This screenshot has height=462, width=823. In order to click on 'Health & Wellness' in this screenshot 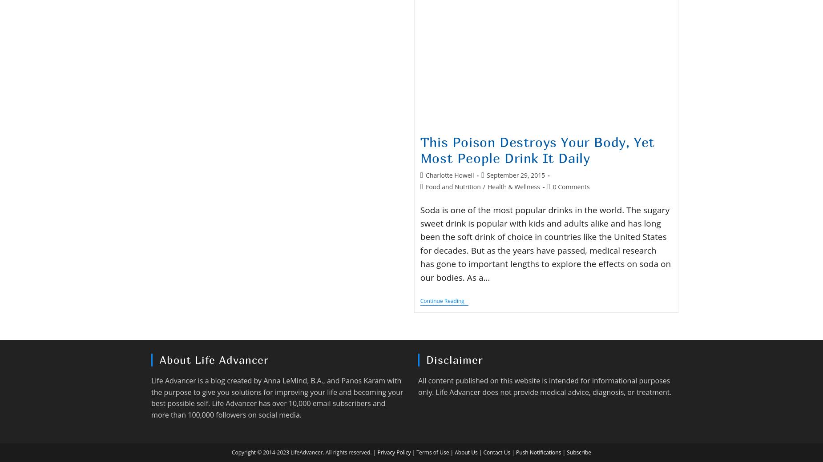, I will do `click(513, 186)`.